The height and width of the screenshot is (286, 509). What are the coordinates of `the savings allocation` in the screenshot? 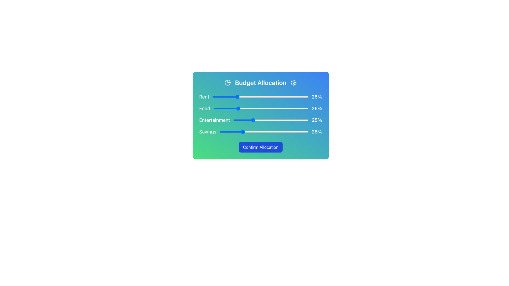 It's located at (272, 131).